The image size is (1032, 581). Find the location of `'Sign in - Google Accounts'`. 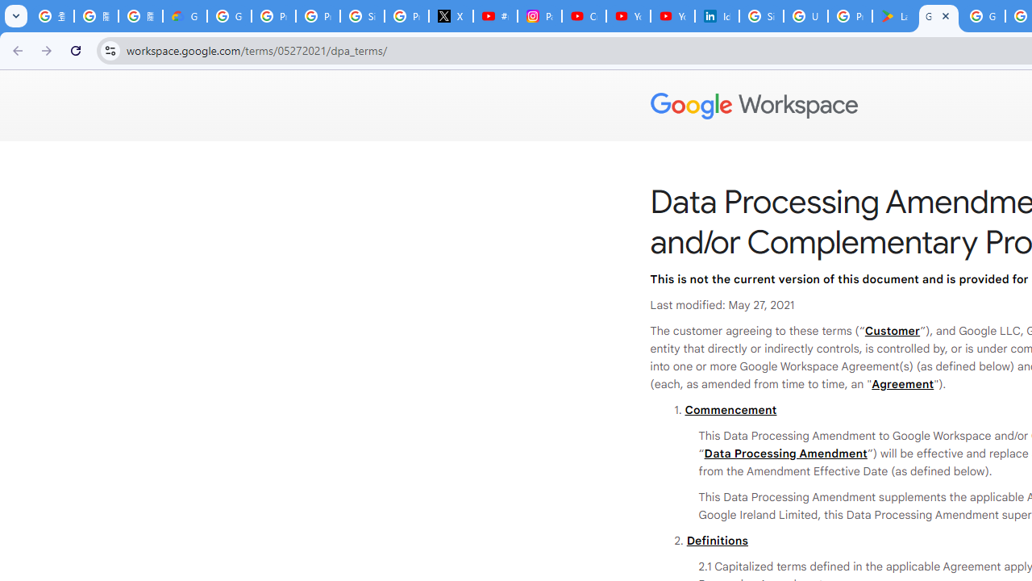

'Sign in - Google Accounts' is located at coordinates (760, 16).